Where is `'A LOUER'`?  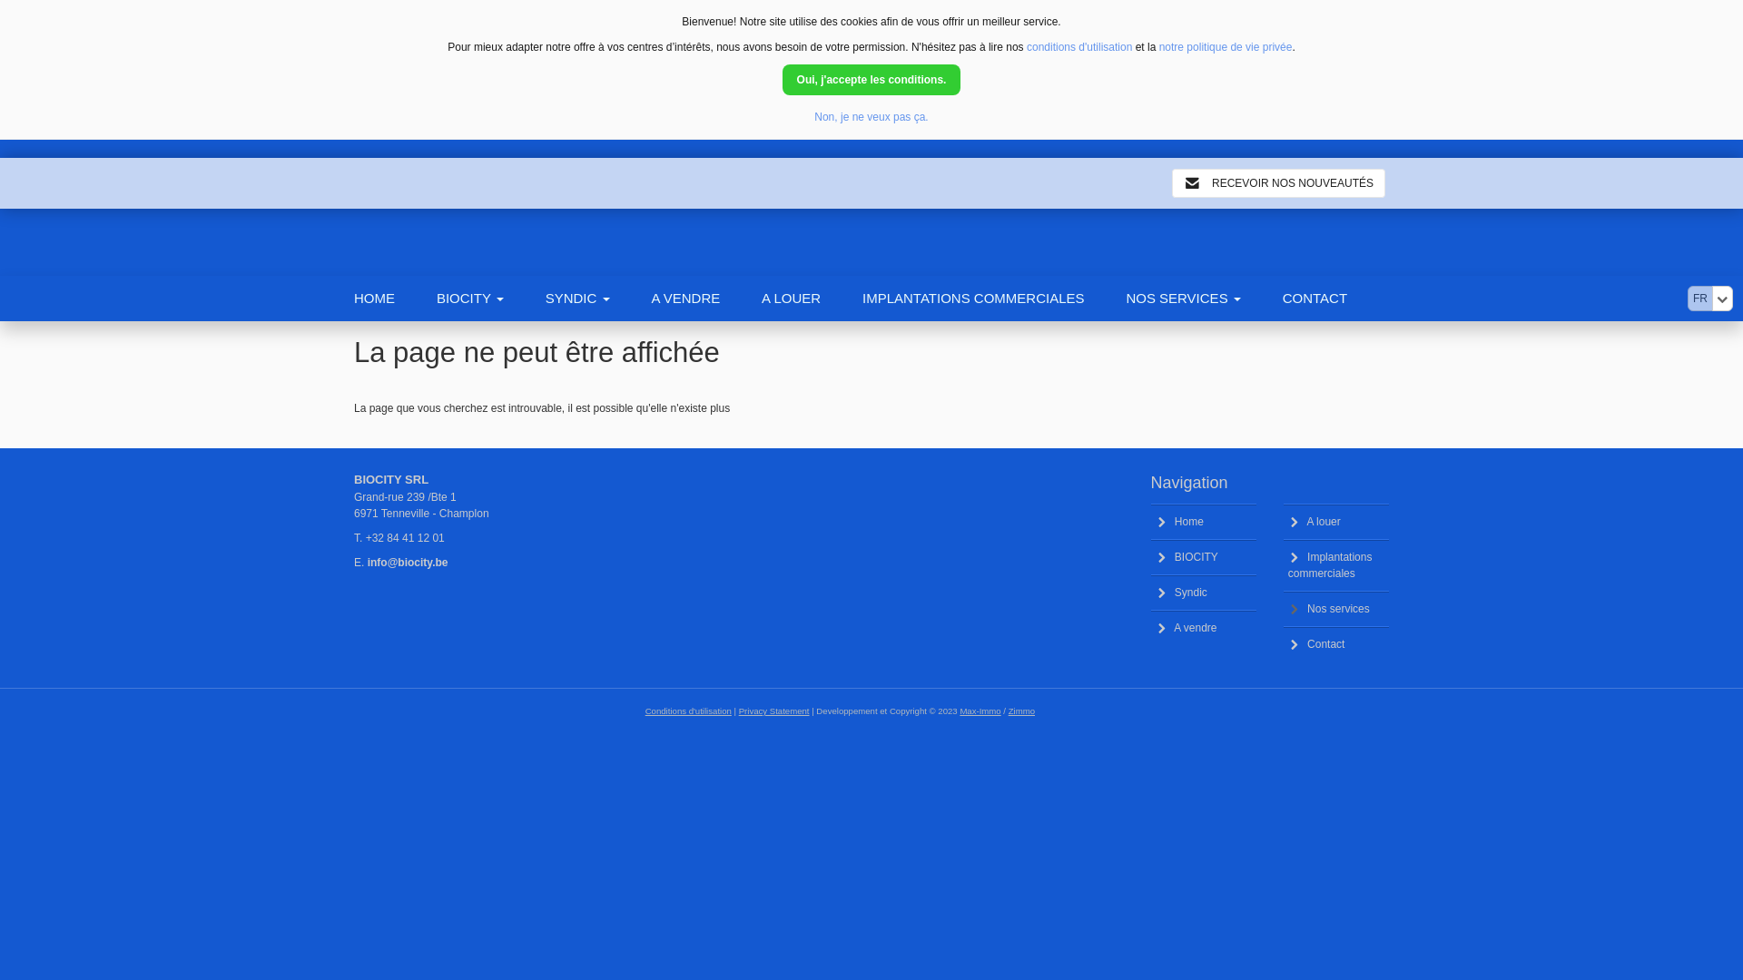
'A LOUER' is located at coordinates (811, 297).